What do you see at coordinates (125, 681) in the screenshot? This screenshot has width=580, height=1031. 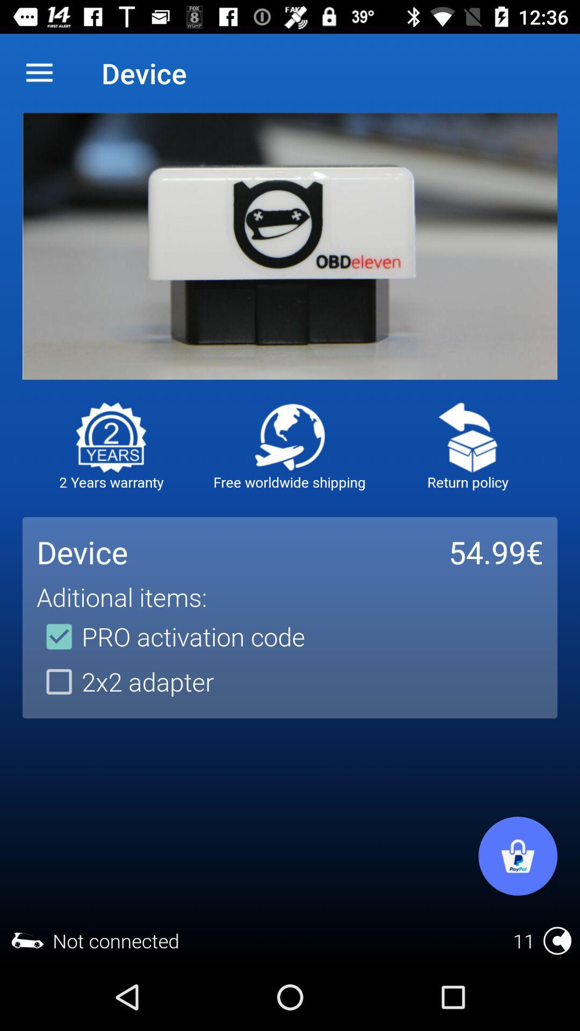 I see `2x2 adapter` at bounding box center [125, 681].